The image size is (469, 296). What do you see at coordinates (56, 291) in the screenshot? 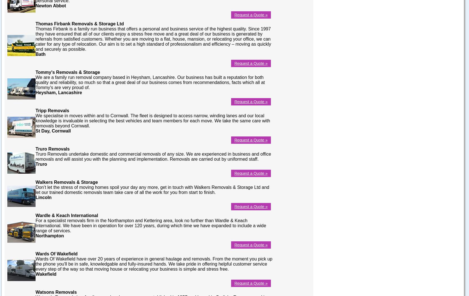
I see `'Watsons Removals'` at bounding box center [56, 291].